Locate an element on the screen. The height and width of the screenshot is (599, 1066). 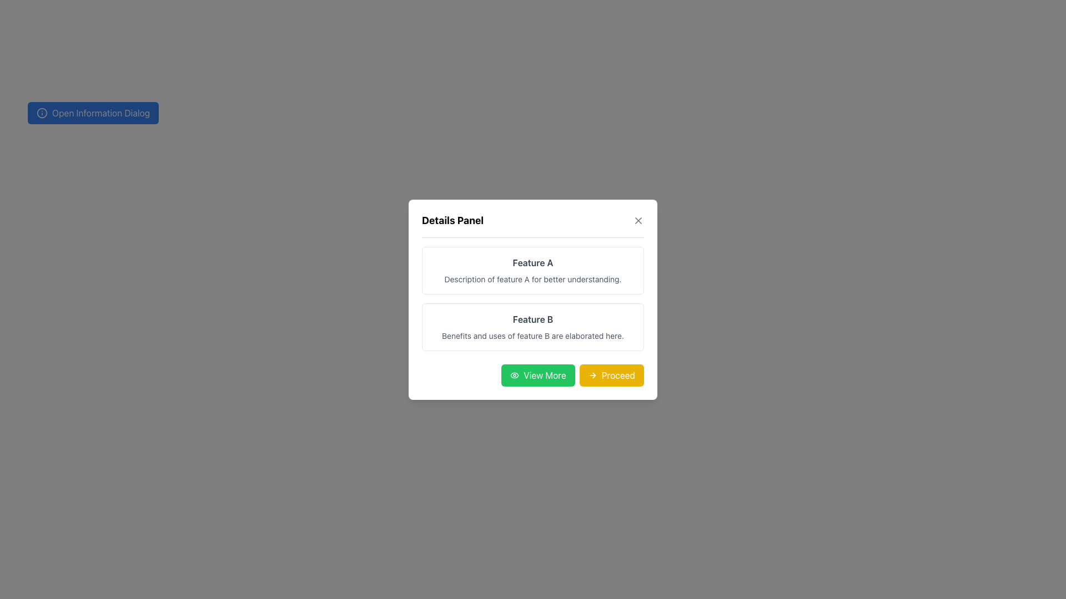
the Information panel for 'Feature B', which is the second panel in a vertically stacked group located in the center of the modal window is located at coordinates (533, 326).